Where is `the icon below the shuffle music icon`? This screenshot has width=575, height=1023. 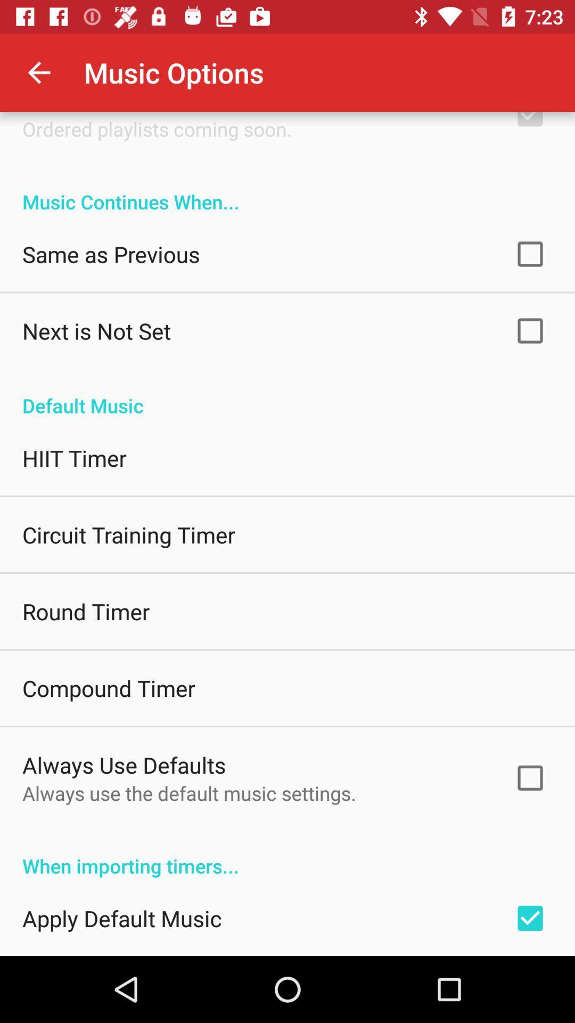 the icon below the shuffle music icon is located at coordinates (157, 128).